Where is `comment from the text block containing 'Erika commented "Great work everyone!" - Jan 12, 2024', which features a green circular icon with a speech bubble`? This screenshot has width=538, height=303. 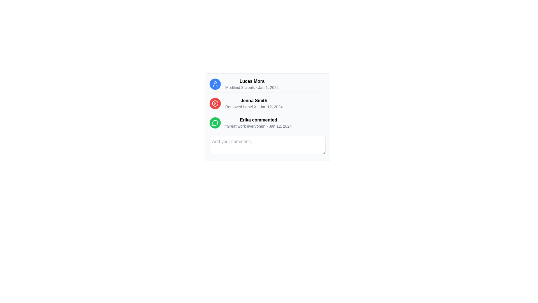 comment from the text block containing 'Erika commented "Great work everyone!" - Jan 12, 2024', which features a green circular icon with a speech bubble is located at coordinates (267, 124).